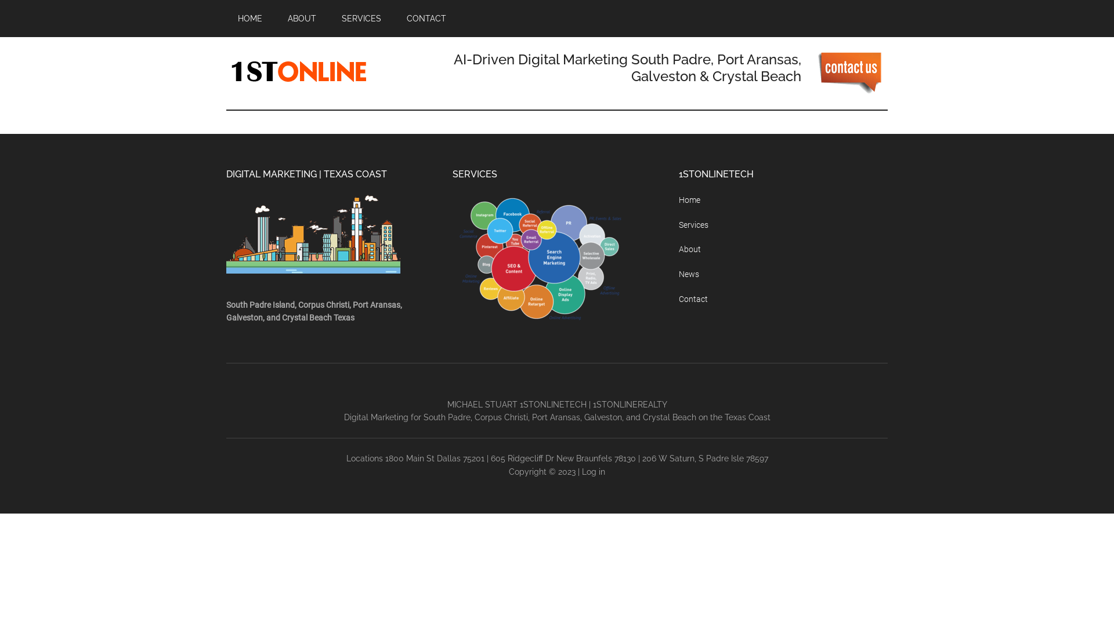  I want to click on 'ABOUT', so click(302, 18).